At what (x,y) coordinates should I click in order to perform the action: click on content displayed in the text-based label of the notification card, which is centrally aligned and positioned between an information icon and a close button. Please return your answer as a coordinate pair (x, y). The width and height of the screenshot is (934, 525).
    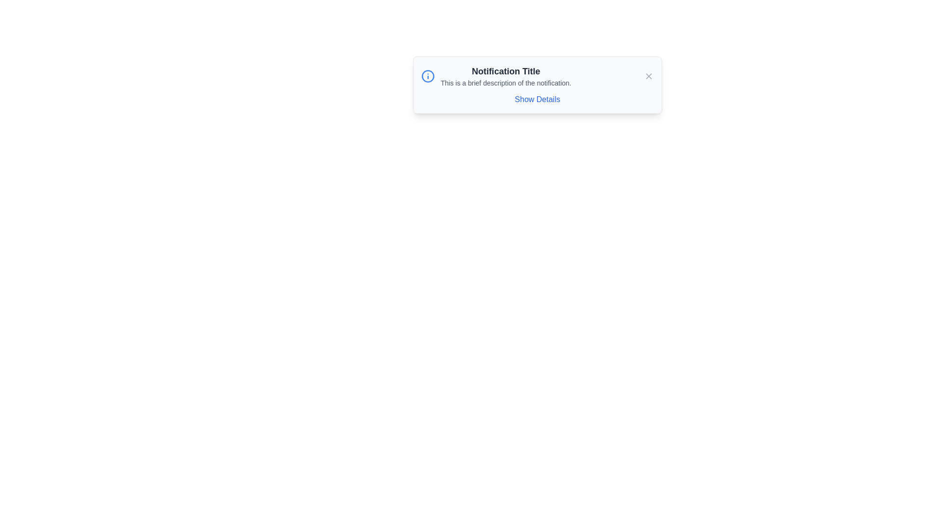
    Looking at the image, I should click on (506, 76).